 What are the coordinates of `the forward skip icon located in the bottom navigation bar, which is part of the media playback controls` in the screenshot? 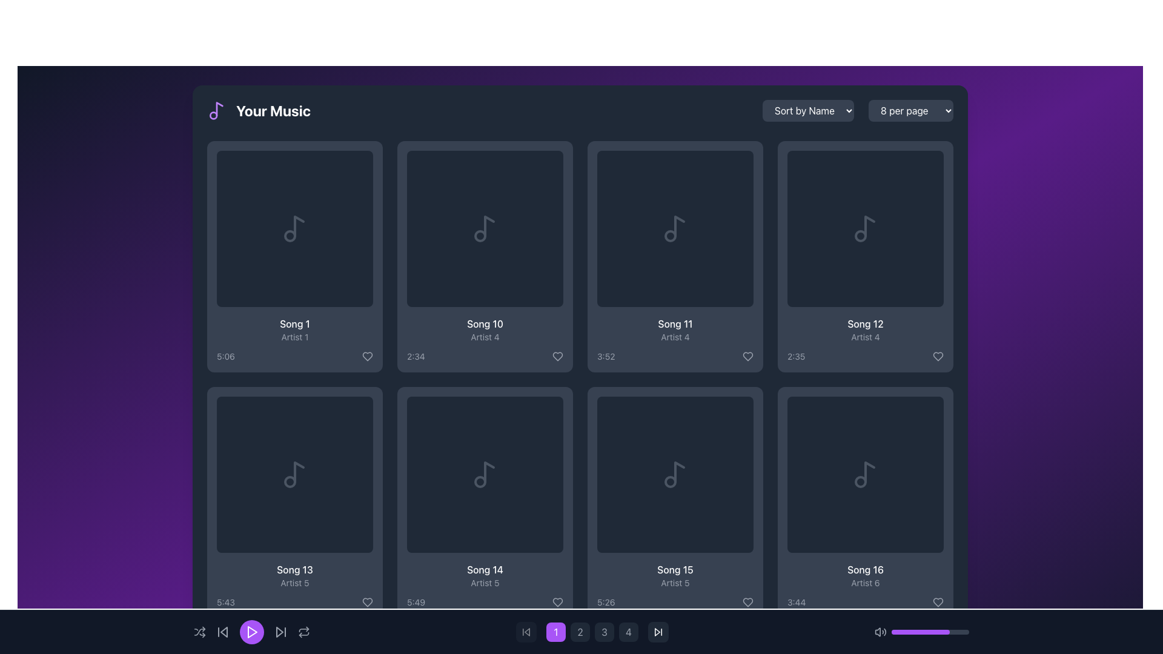 It's located at (279, 632).